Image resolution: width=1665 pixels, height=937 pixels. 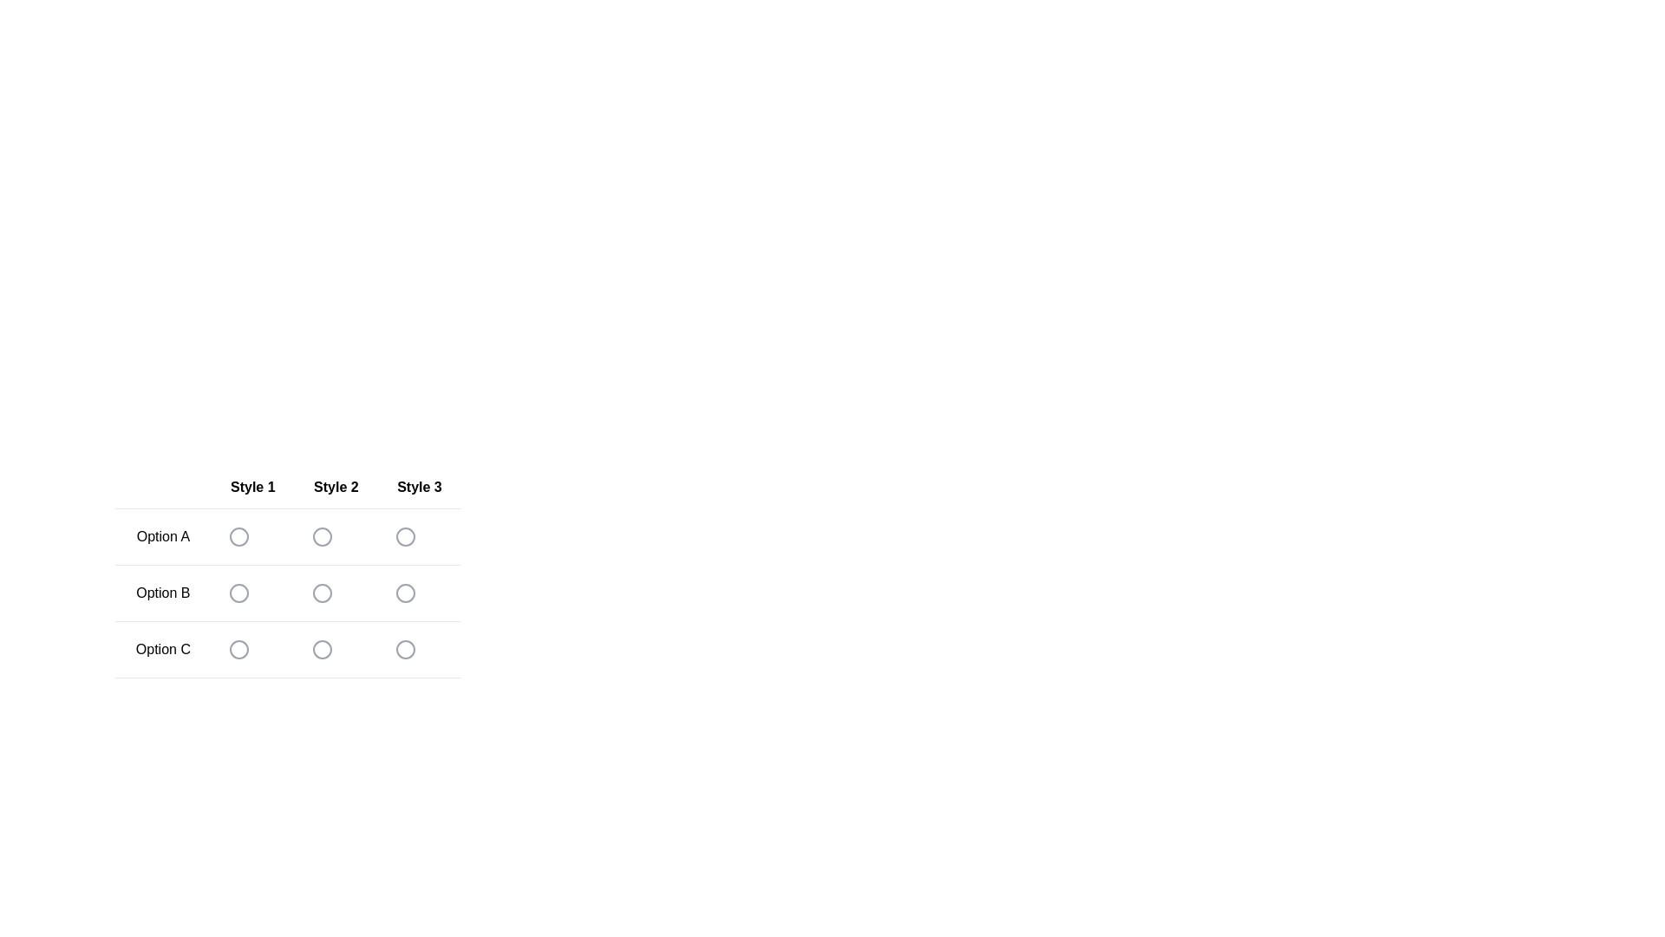 I want to click on the radio button labeled 'Style 1' under 'Option C', so click(x=251, y=649).